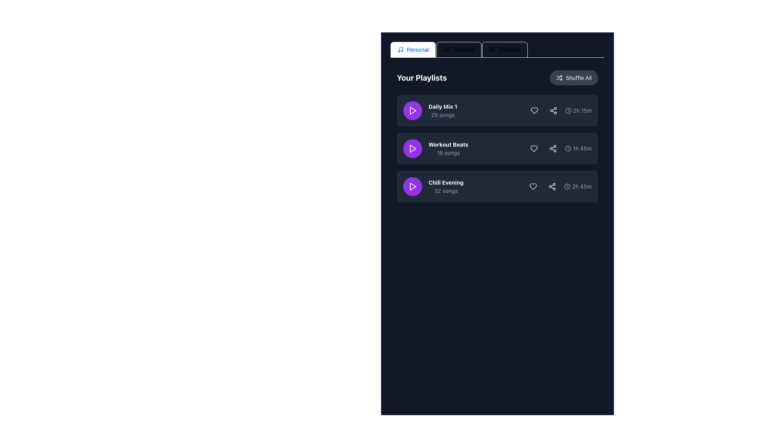  What do you see at coordinates (443, 115) in the screenshot?
I see `the static text label displaying '25 songs' located immediately below the bold white text 'Daily Mix 1' in the first playlist card` at bounding box center [443, 115].